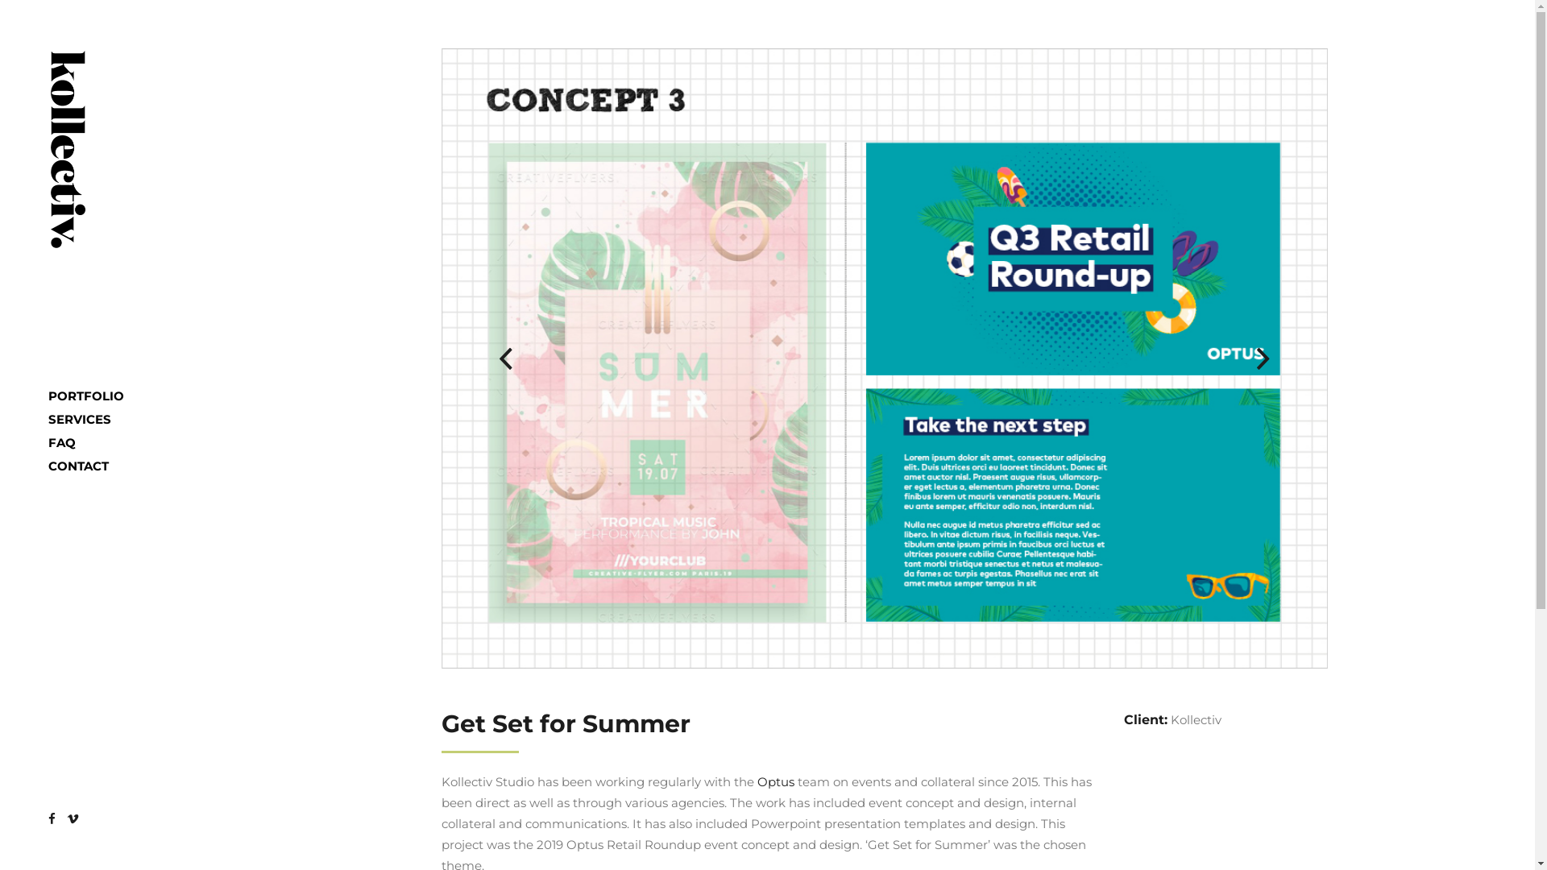 The width and height of the screenshot is (1547, 870). Describe the element at coordinates (97, 466) in the screenshot. I see `'CONTACT'` at that location.